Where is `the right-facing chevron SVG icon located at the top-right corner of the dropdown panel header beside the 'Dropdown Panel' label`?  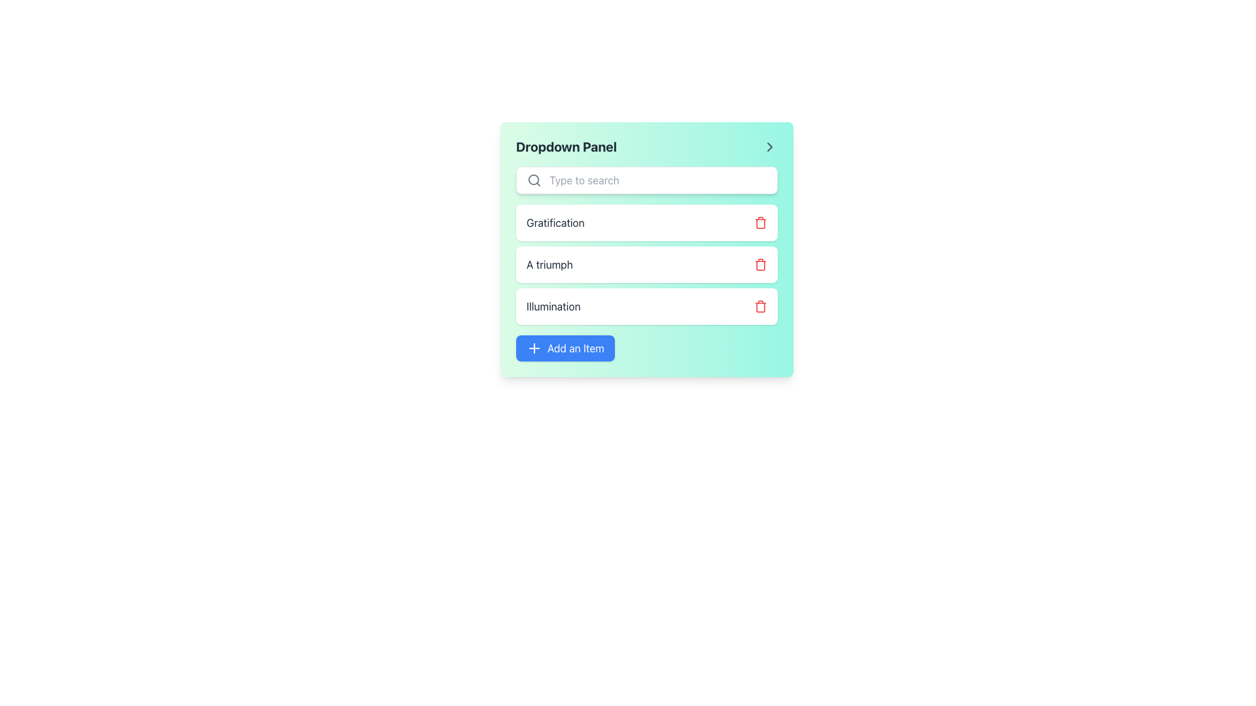 the right-facing chevron SVG icon located at the top-right corner of the dropdown panel header beside the 'Dropdown Panel' label is located at coordinates (769, 146).